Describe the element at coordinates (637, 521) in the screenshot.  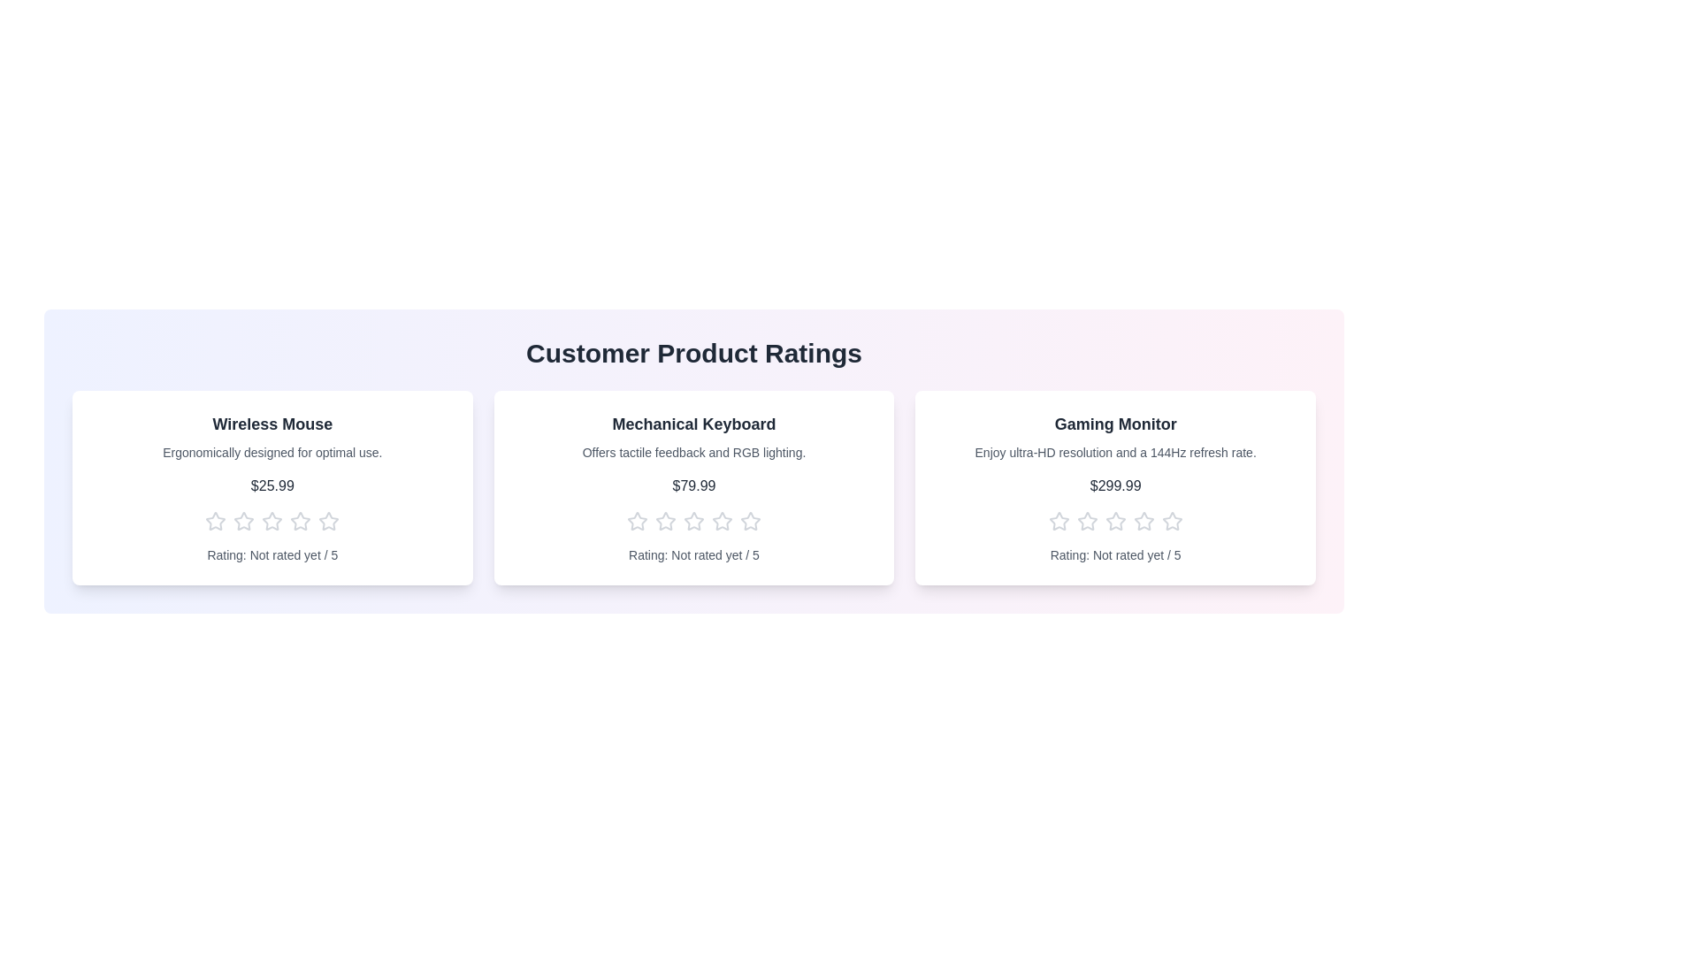
I see `the star corresponding to the rating 1 for the product Mechanical Keyboard` at that location.